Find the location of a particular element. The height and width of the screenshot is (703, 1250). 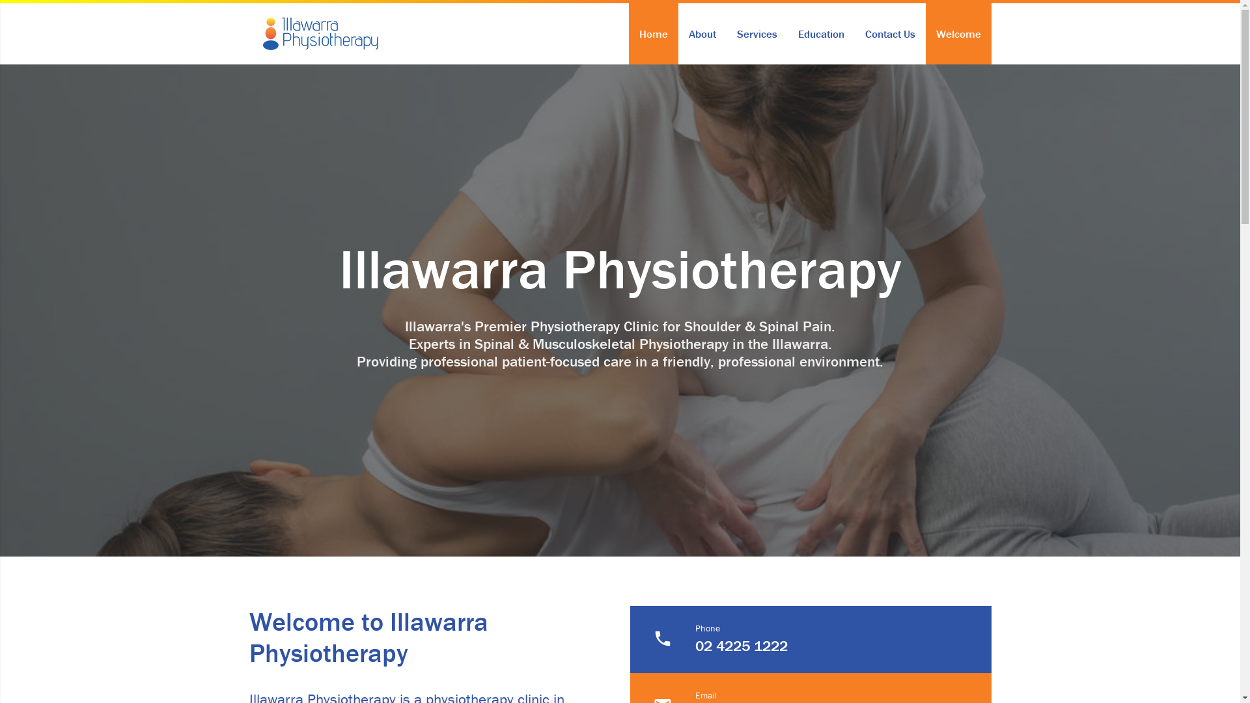

'Contact Us' is located at coordinates (889, 33).